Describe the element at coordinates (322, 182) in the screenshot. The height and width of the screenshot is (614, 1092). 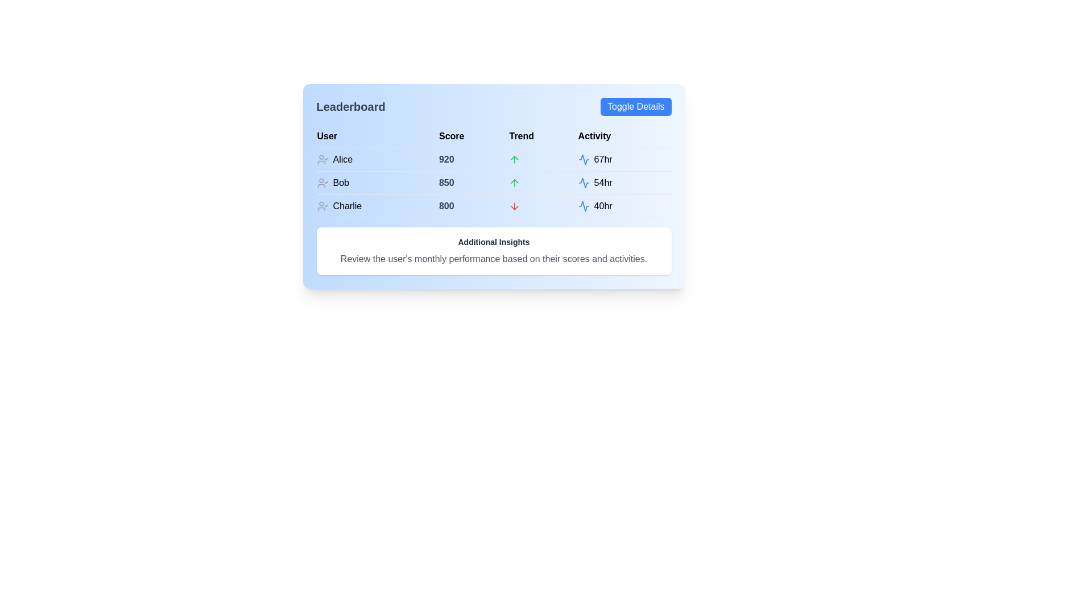
I see `the user 'Bob' icon in the leaderboard, which is positioned adjacent to the name 'Bob' and is the first icon on the left` at that location.